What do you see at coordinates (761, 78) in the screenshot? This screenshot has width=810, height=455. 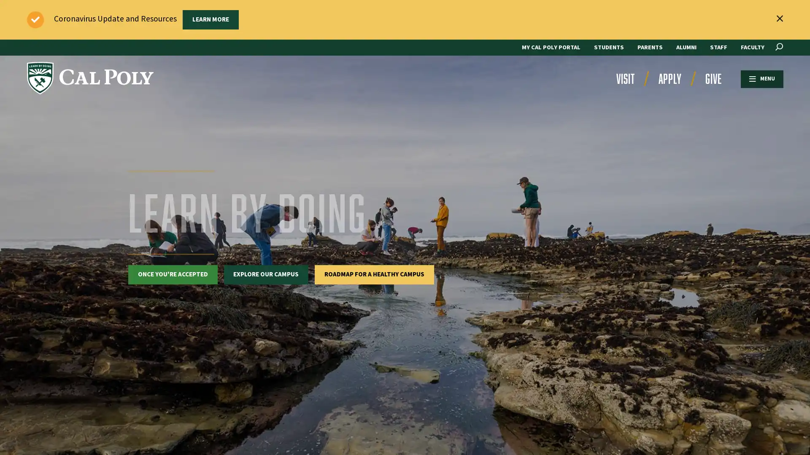 I see `MENU` at bounding box center [761, 78].